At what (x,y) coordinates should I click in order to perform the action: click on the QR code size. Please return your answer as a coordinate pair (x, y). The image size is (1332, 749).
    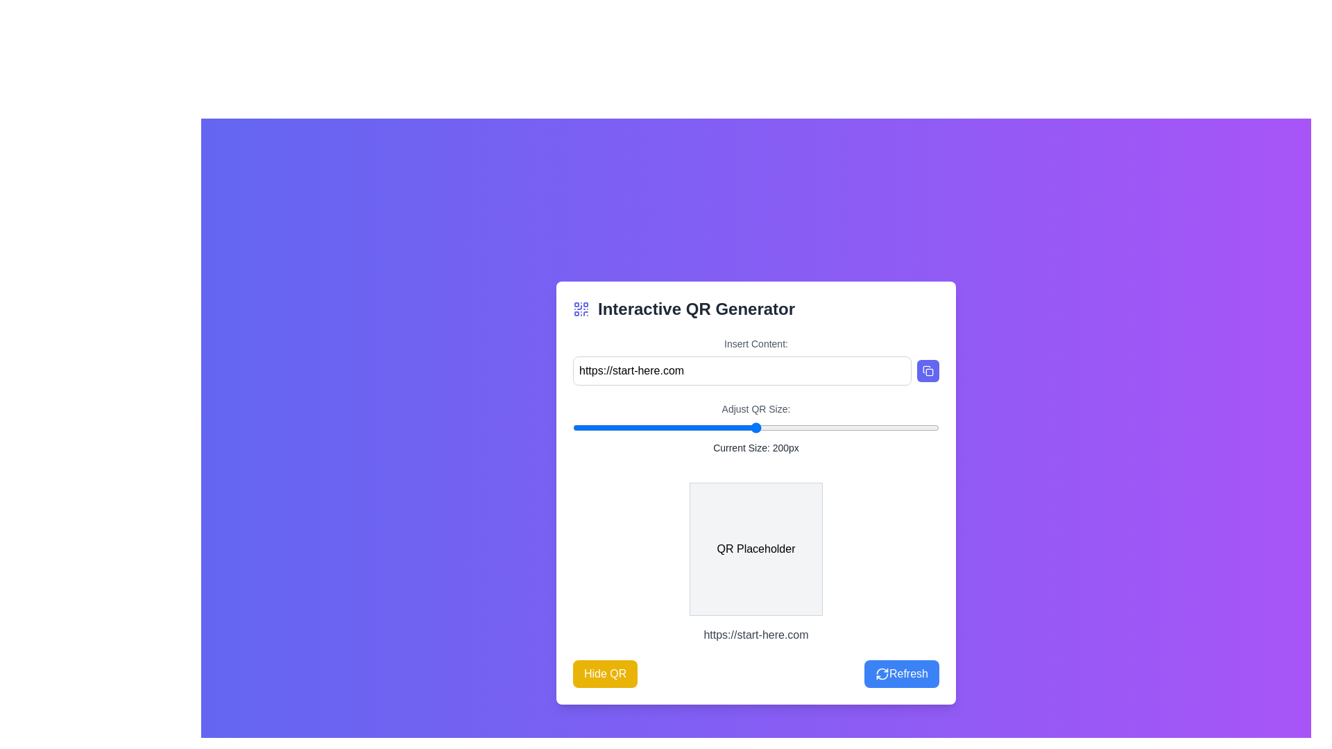
    Looking at the image, I should click on (791, 427).